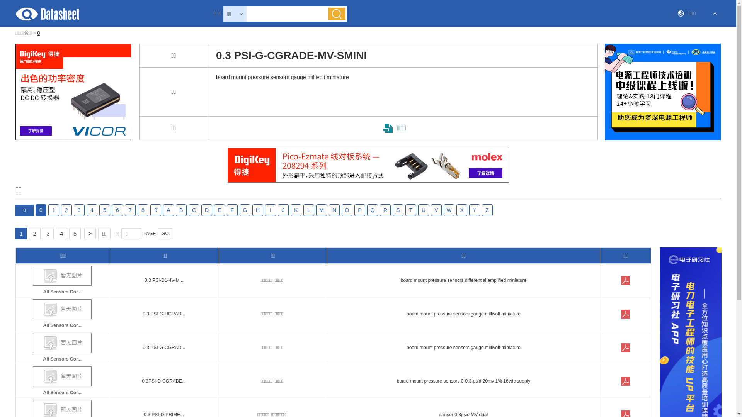 This screenshot has width=742, height=417. I want to click on 'N', so click(334, 210).